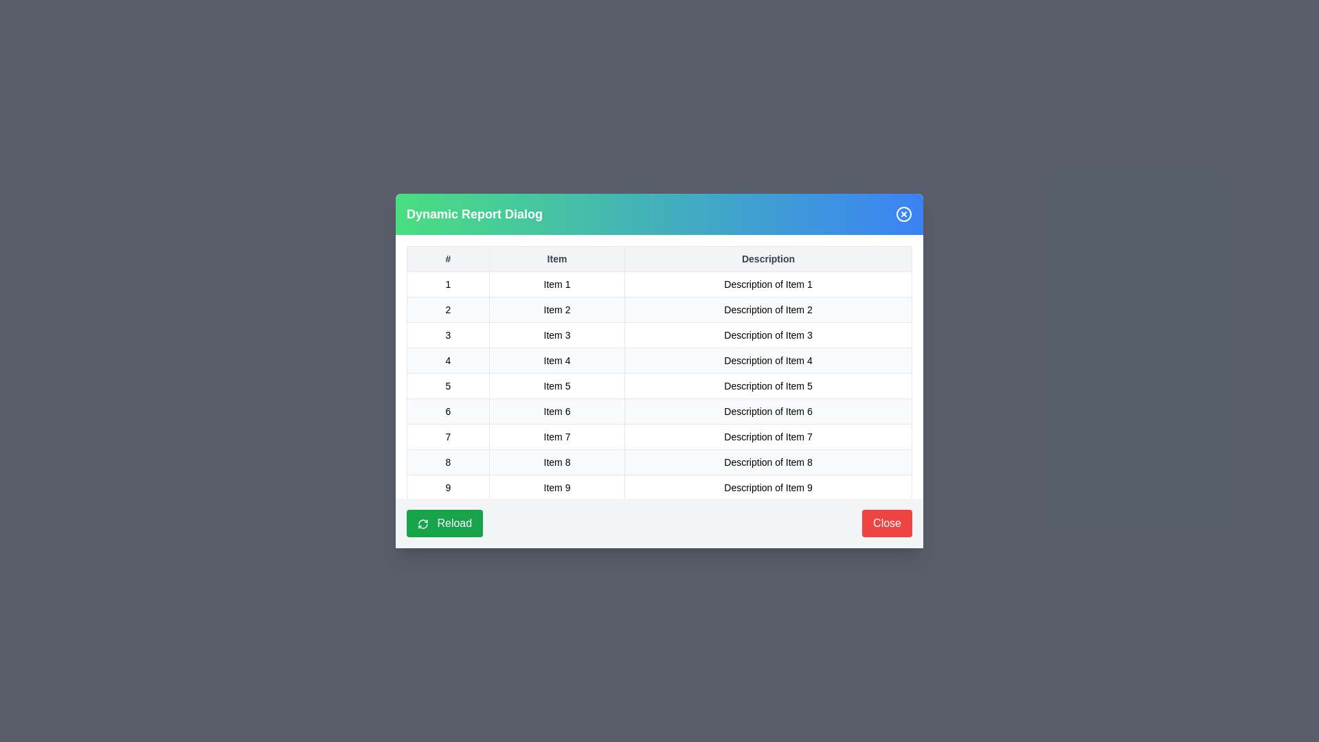 The image size is (1319, 742). Describe the element at coordinates (448, 259) in the screenshot. I see `the table header # to sort the table by that column` at that location.